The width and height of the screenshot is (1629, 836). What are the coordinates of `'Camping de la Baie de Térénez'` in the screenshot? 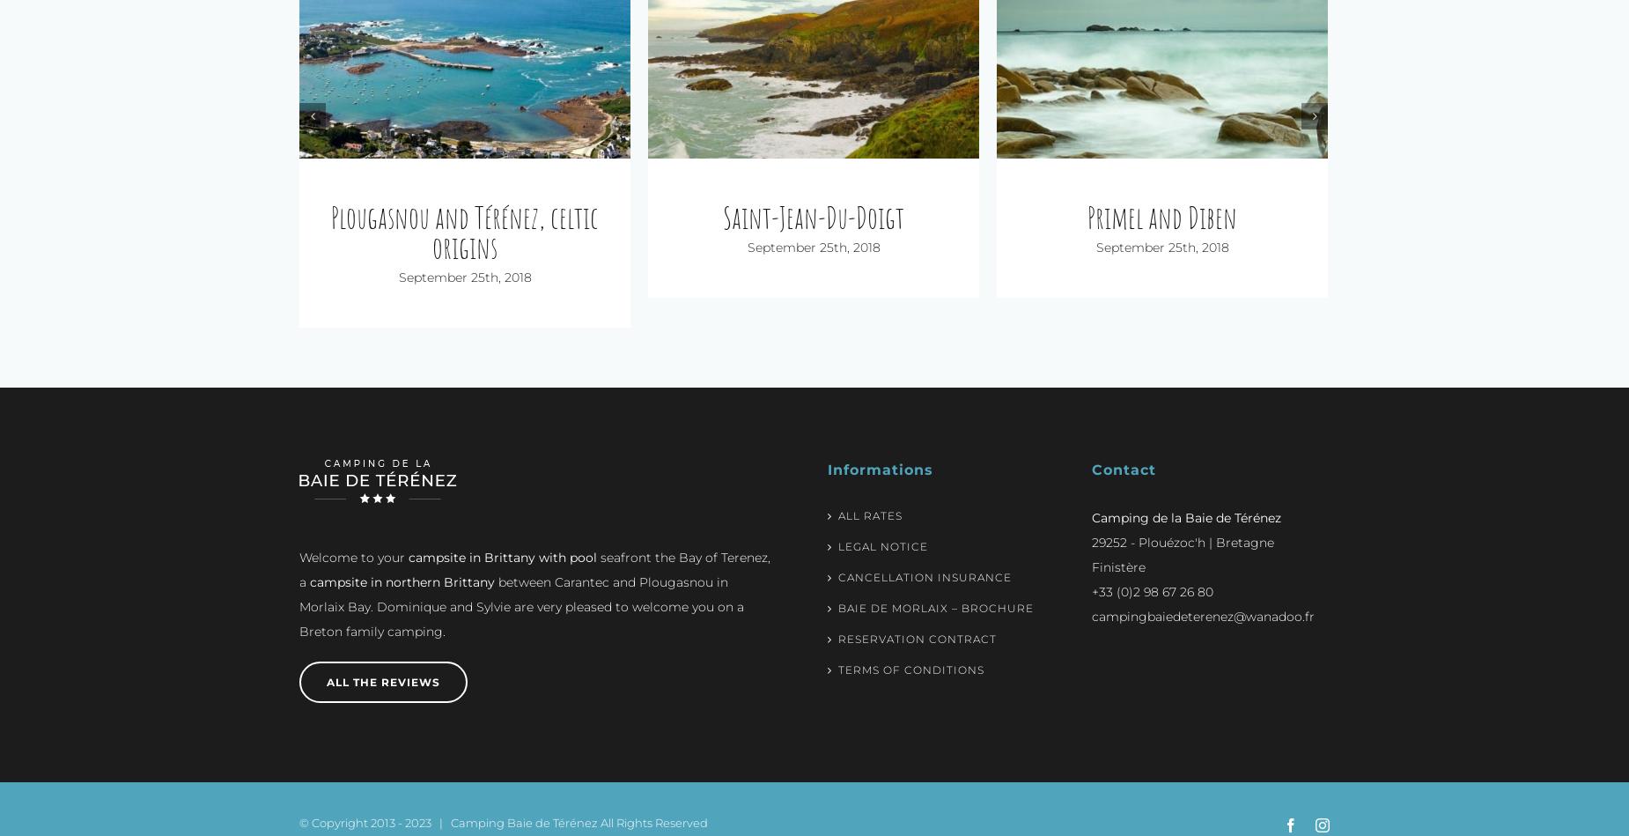 It's located at (1185, 487).